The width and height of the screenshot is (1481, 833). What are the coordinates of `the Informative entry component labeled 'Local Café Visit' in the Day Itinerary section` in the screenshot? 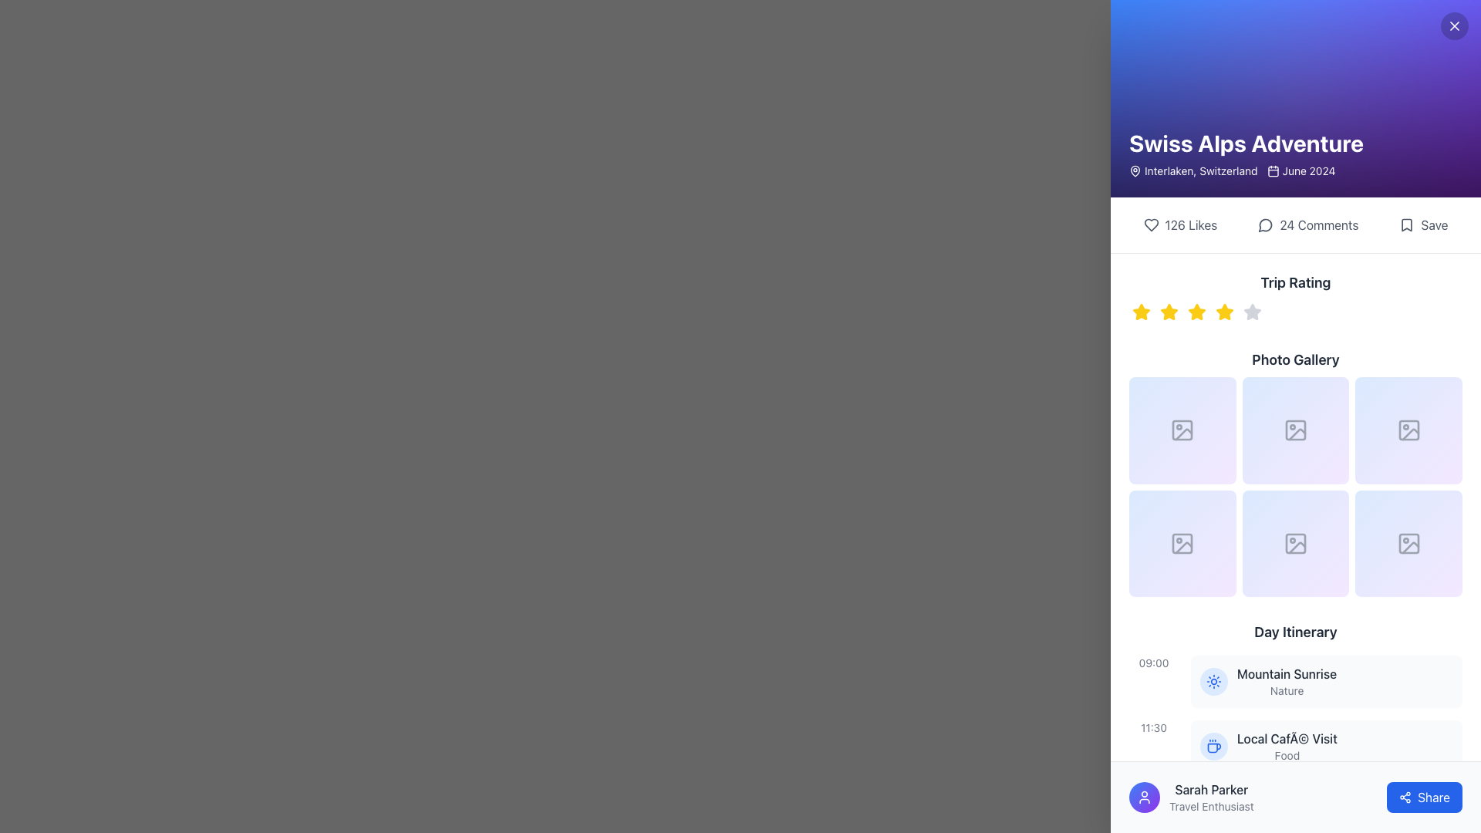 It's located at (1325, 746).